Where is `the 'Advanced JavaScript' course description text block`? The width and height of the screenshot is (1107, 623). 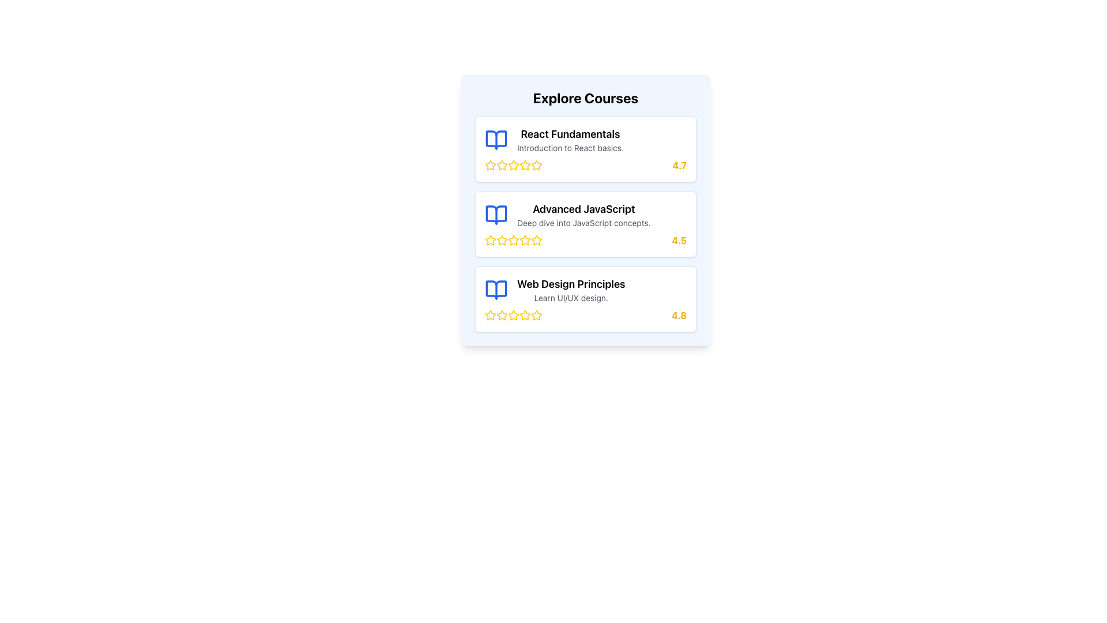 the 'Advanced JavaScript' course description text block is located at coordinates (583, 215).